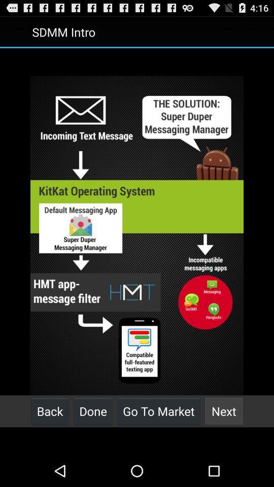 The height and width of the screenshot is (487, 274). Describe the element at coordinates (137, 235) in the screenshot. I see `icon at the center` at that location.